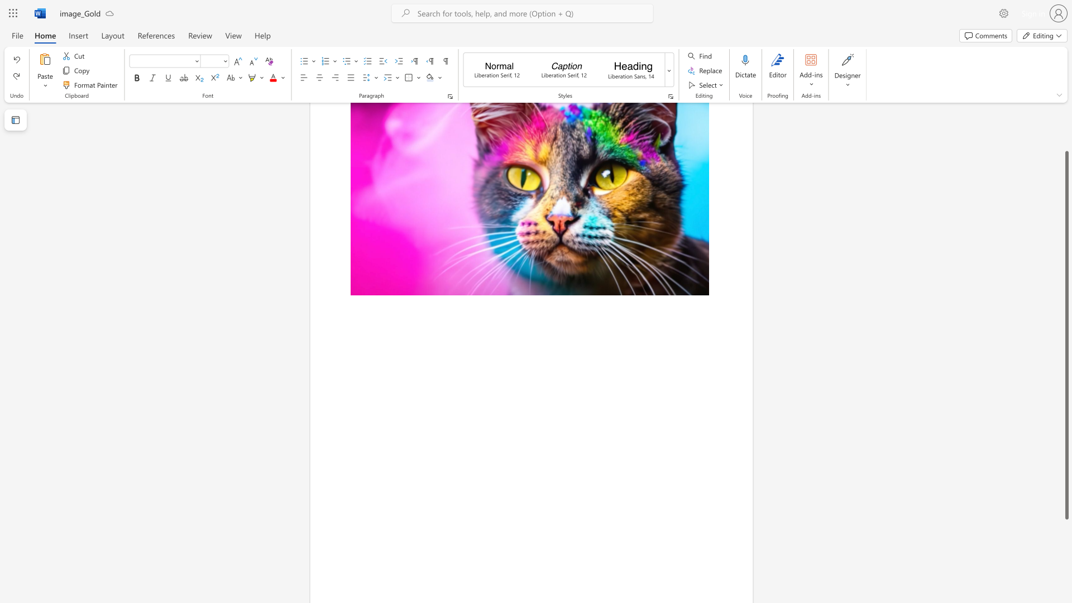  I want to click on the scrollbar on the right side to scroll the page up, so click(1066, 128).